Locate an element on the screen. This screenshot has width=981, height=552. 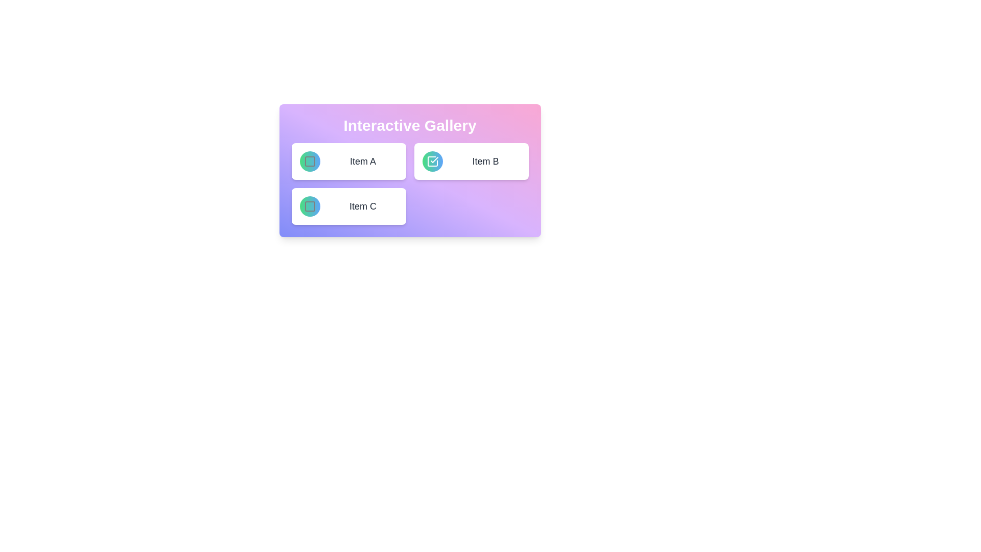
the first Display card in the Interactive Gallery, which has a white background, rounded corners, a circular gradient icon on the left, and the text 'Item A' on the right is located at coordinates (348, 161).